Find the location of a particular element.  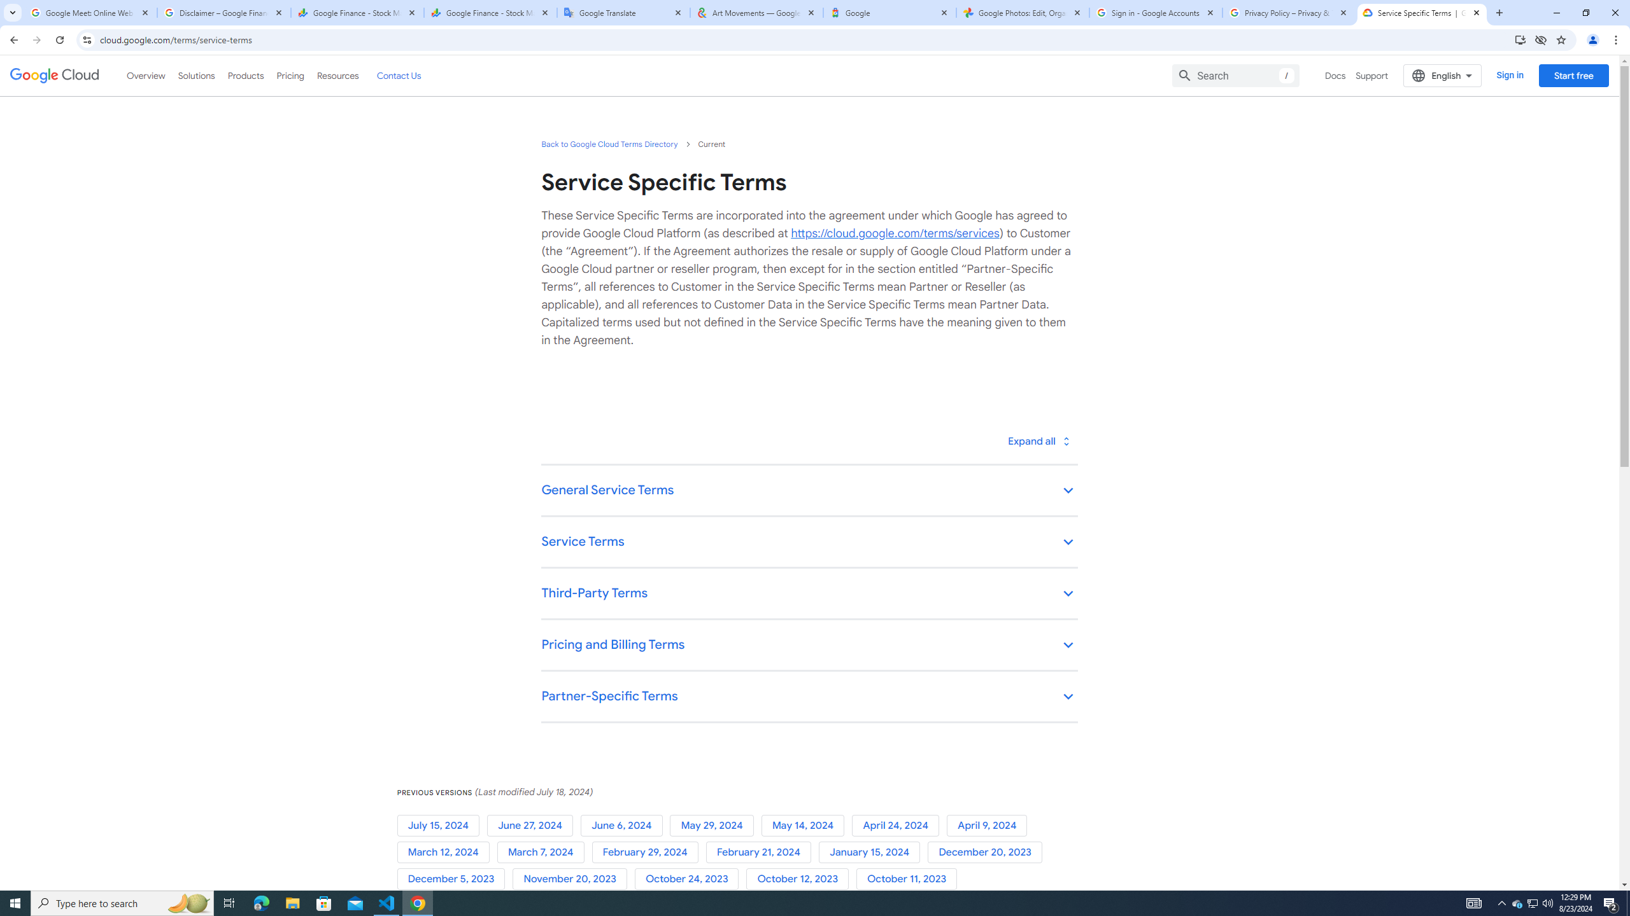

'English' is located at coordinates (1442, 75).